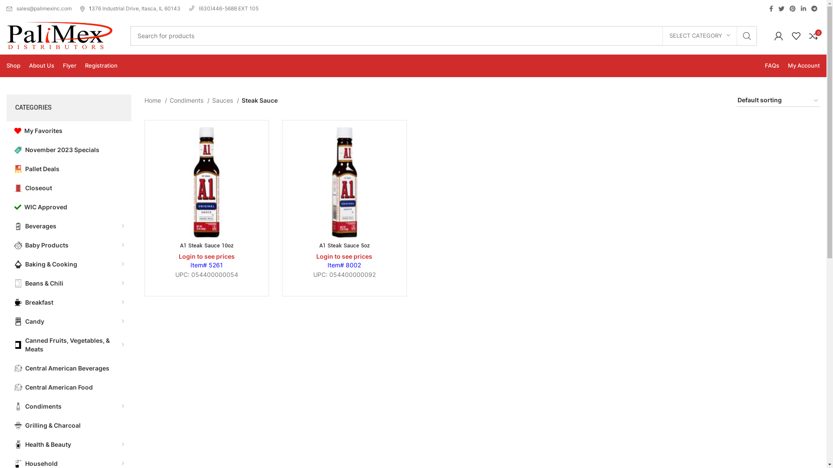 The image size is (833, 468). What do you see at coordinates (68, 263) in the screenshot?
I see `'Baking & Cooking'` at bounding box center [68, 263].